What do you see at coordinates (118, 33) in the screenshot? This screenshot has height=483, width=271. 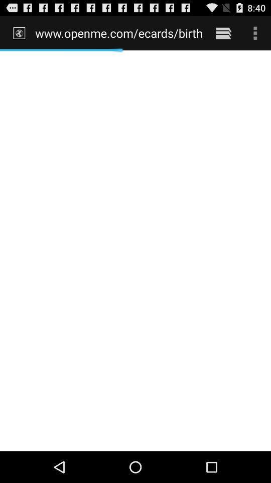 I see `the item at the top` at bounding box center [118, 33].